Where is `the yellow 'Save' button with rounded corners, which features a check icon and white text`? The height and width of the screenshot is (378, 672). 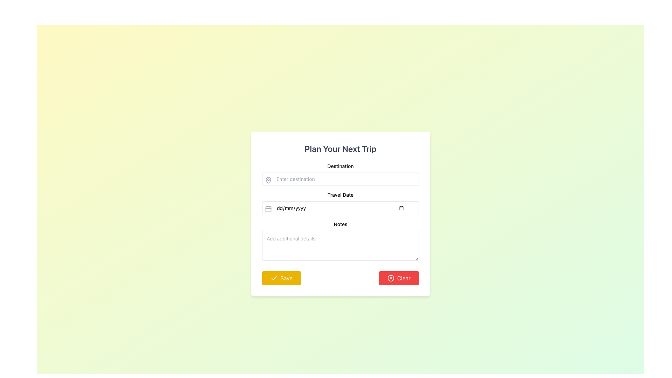 the yellow 'Save' button with rounded corners, which features a check icon and white text is located at coordinates (281, 278).